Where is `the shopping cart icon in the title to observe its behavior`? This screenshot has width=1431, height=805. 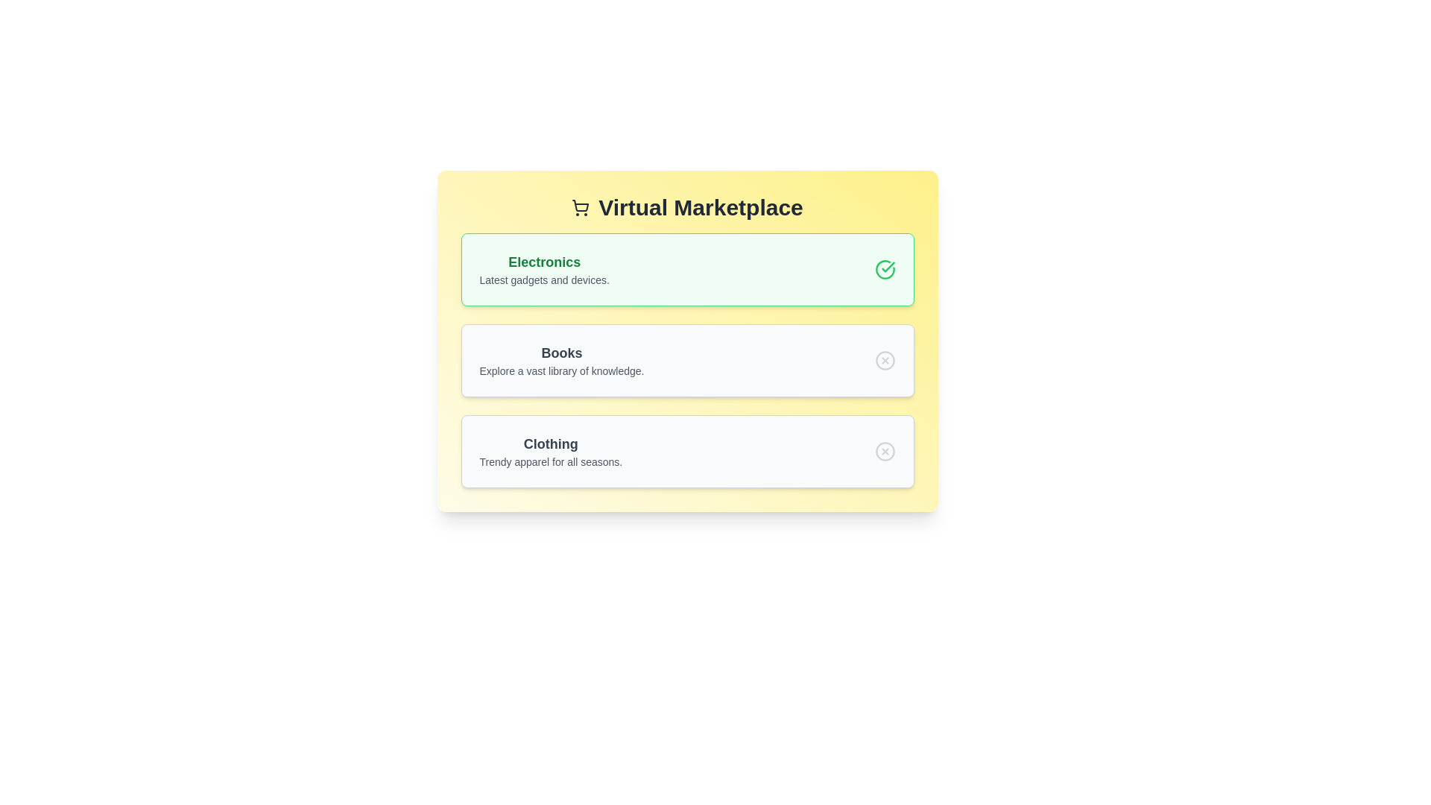 the shopping cart icon in the title to observe its behavior is located at coordinates (580, 207).